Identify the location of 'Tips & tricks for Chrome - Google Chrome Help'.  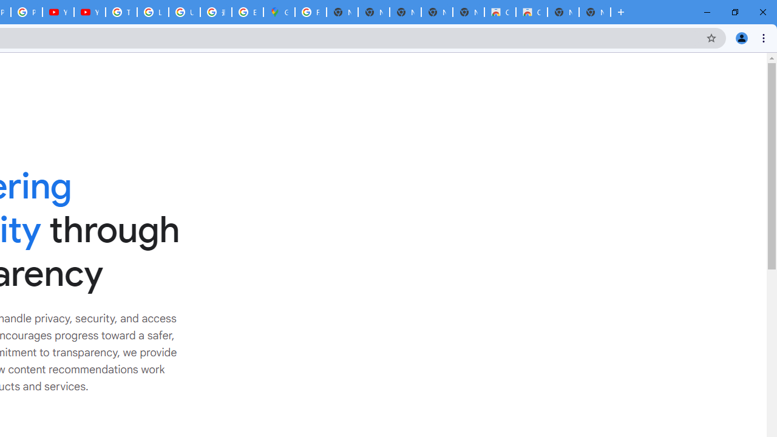
(121, 12).